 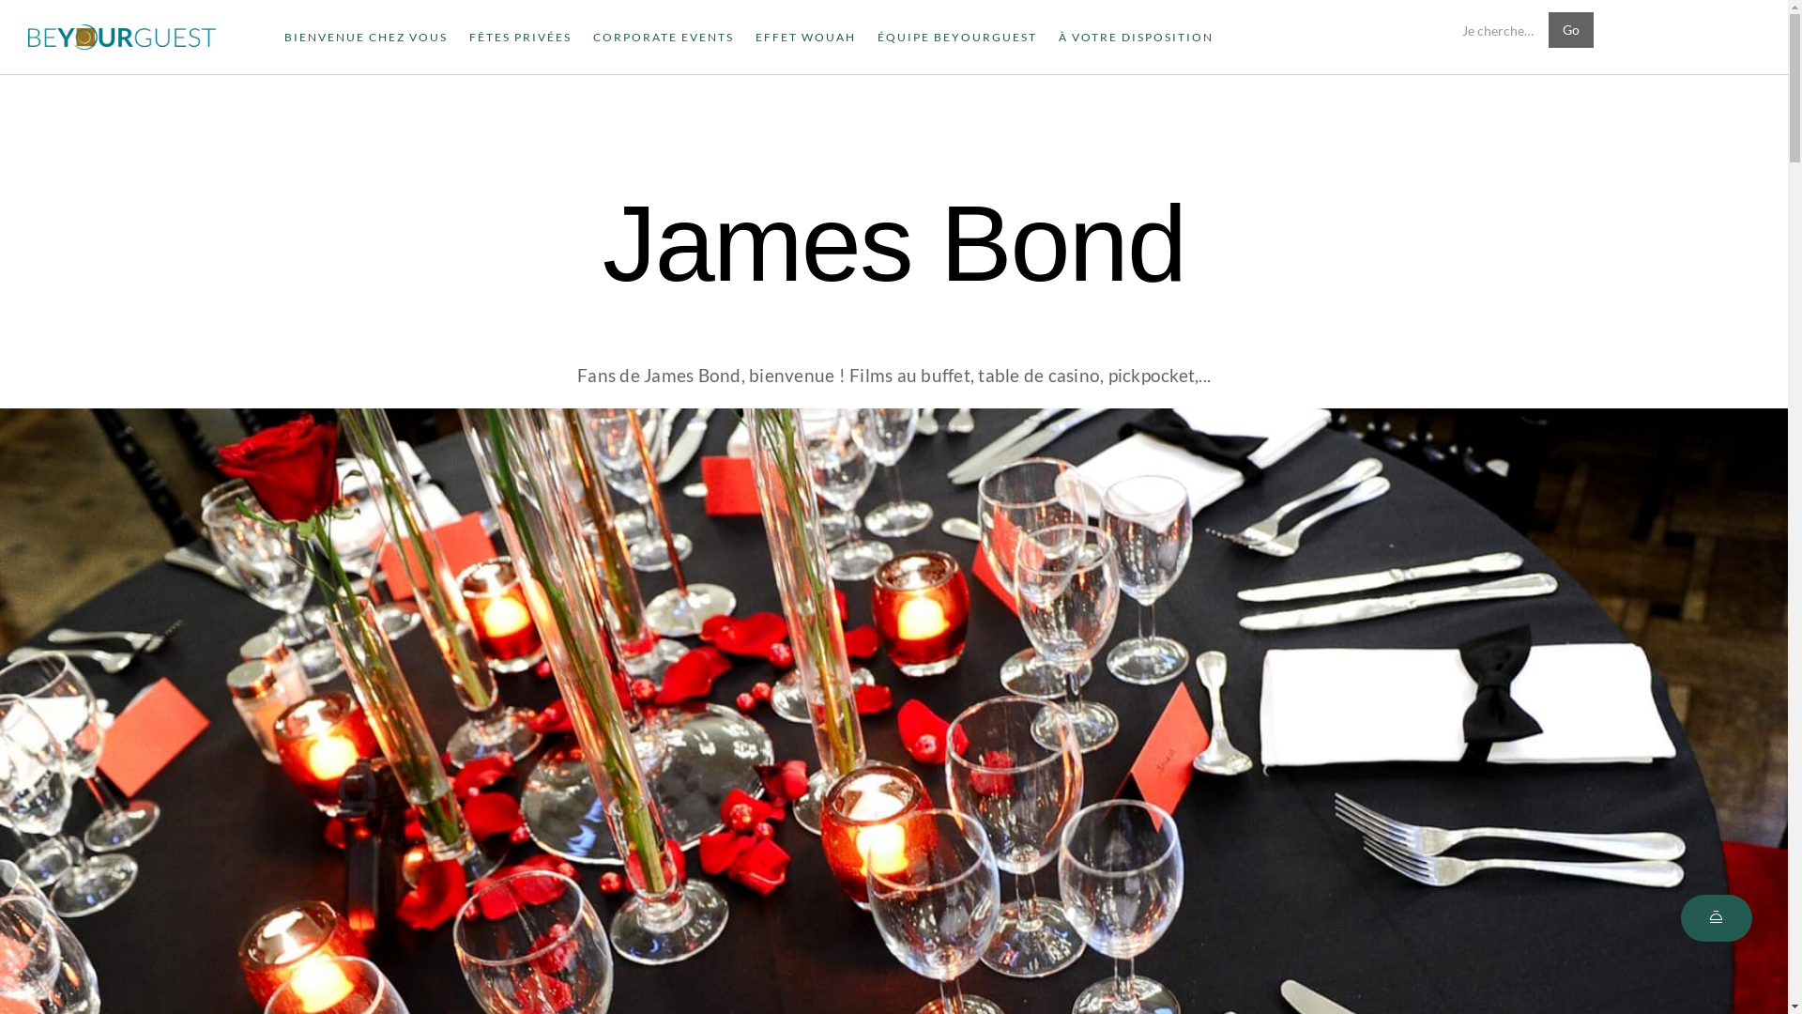 What do you see at coordinates (365, 37) in the screenshot?
I see `'BIENVENUE CHEZ VOUS'` at bounding box center [365, 37].